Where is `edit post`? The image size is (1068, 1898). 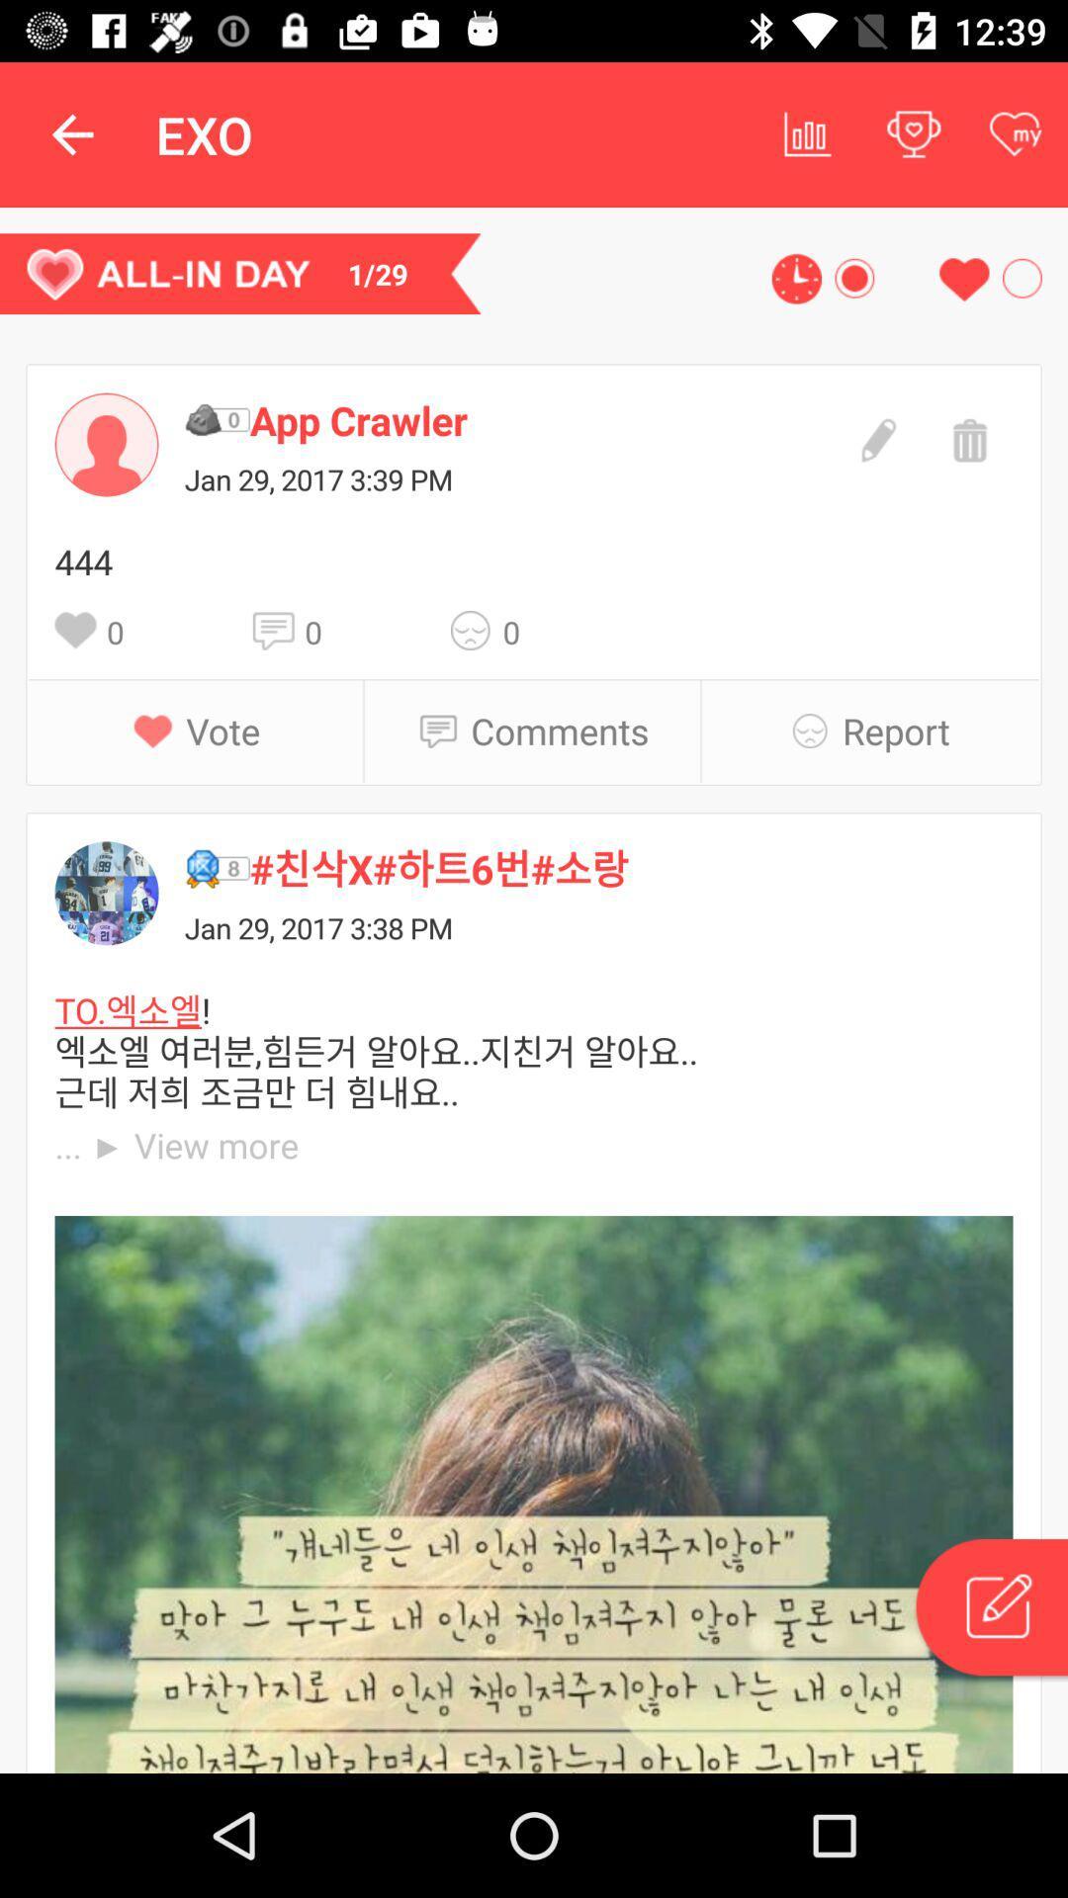 edit post is located at coordinates (875, 437).